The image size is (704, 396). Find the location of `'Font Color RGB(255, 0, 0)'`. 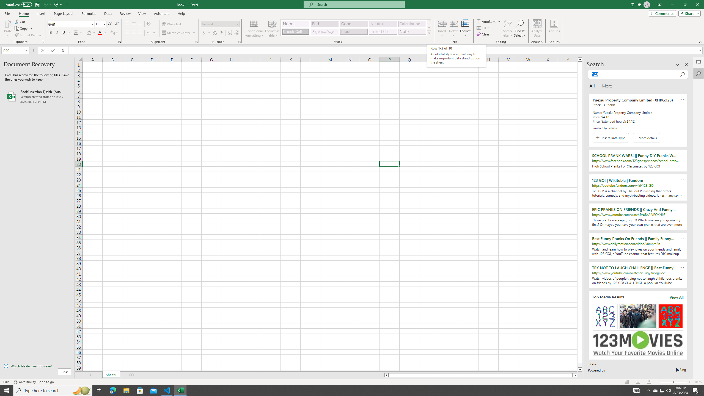

'Font Color RGB(255, 0, 0)' is located at coordinates (100, 32).